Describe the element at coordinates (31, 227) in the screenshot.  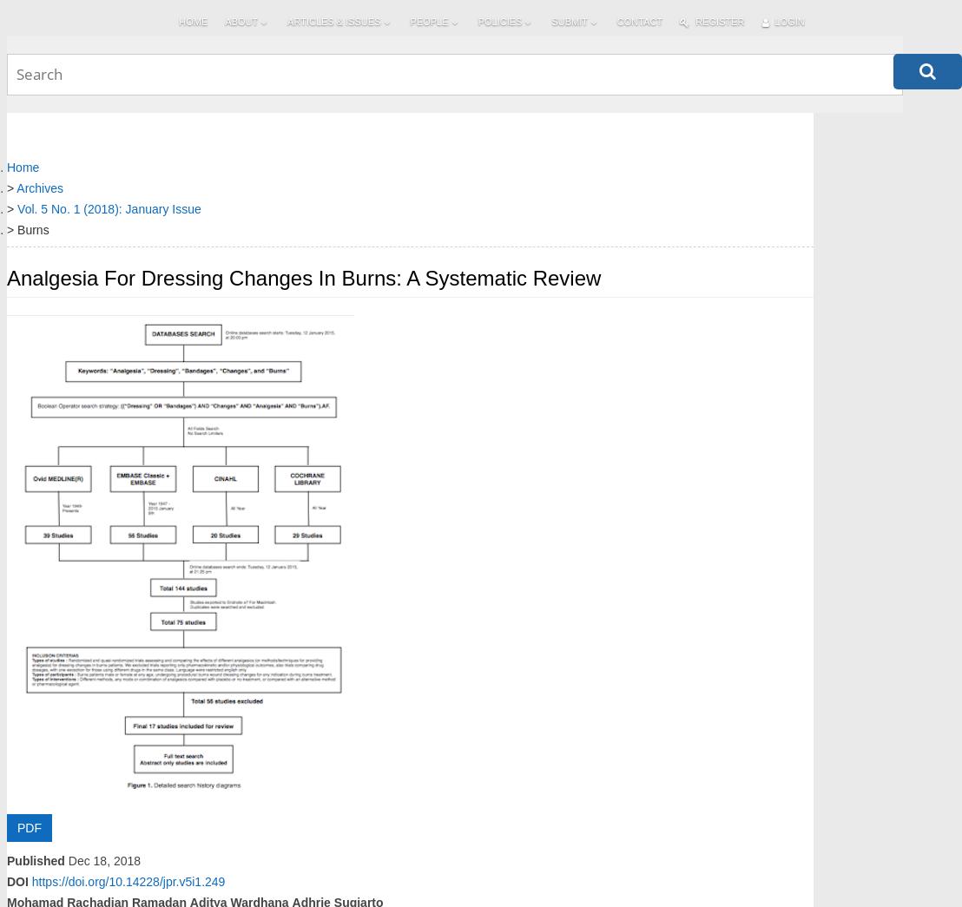
I see `'Burns'` at that location.